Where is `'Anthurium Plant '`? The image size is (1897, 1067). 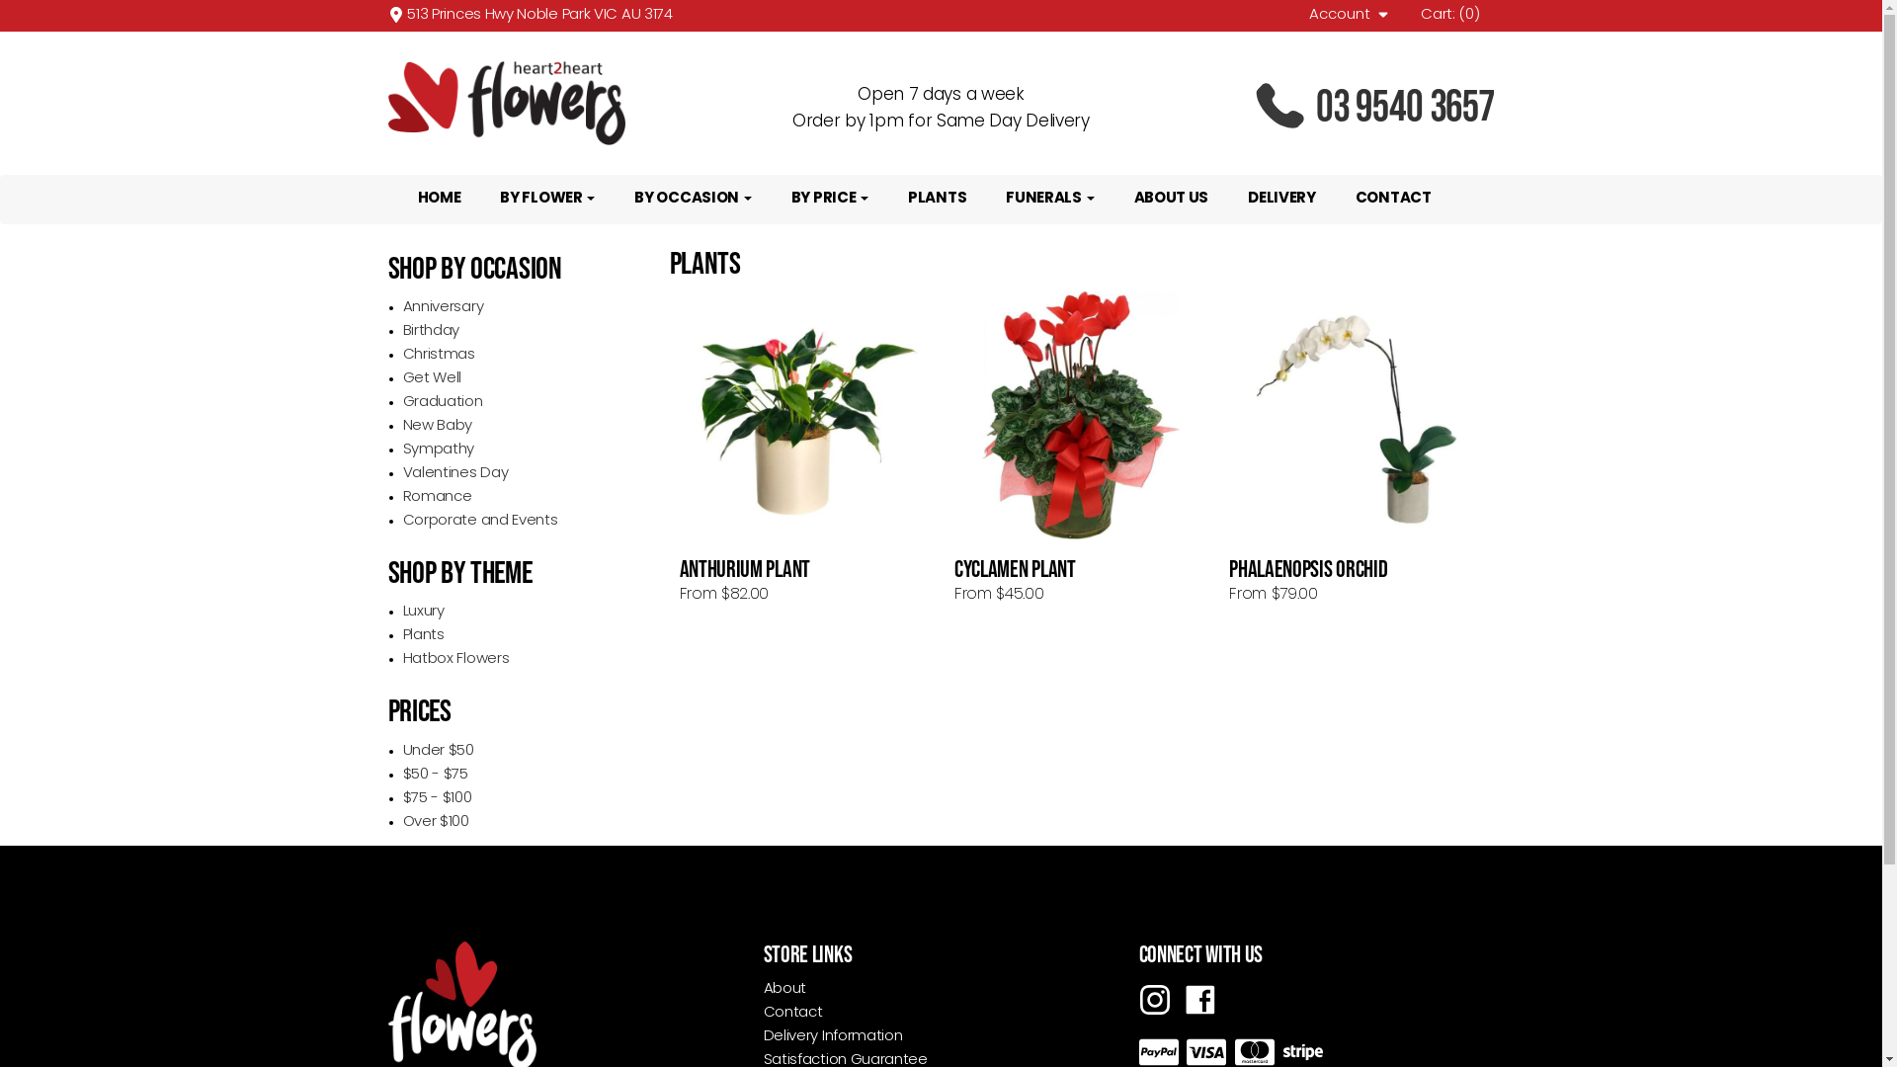
'Anthurium Plant ' is located at coordinates (806, 414).